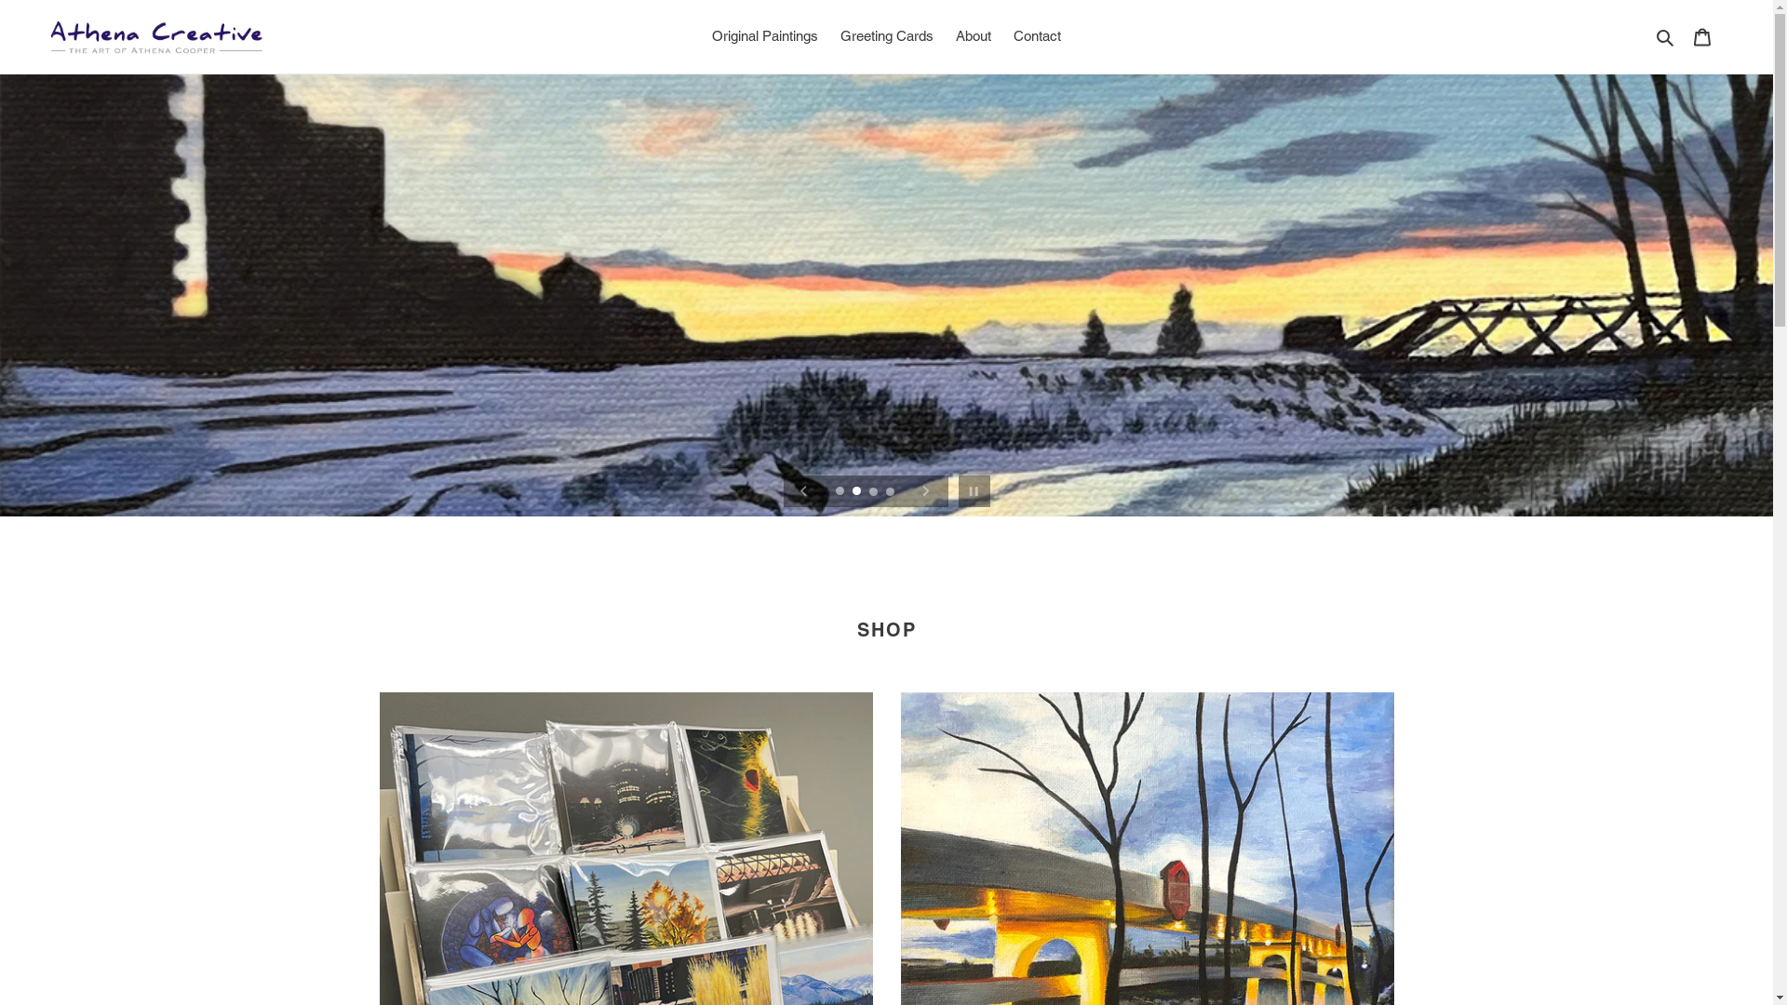 Image resolution: width=1787 pixels, height=1005 pixels. Describe the element at coordinates (952, 490) in the screenshot. I see `'Pause slideshow'` at that location.